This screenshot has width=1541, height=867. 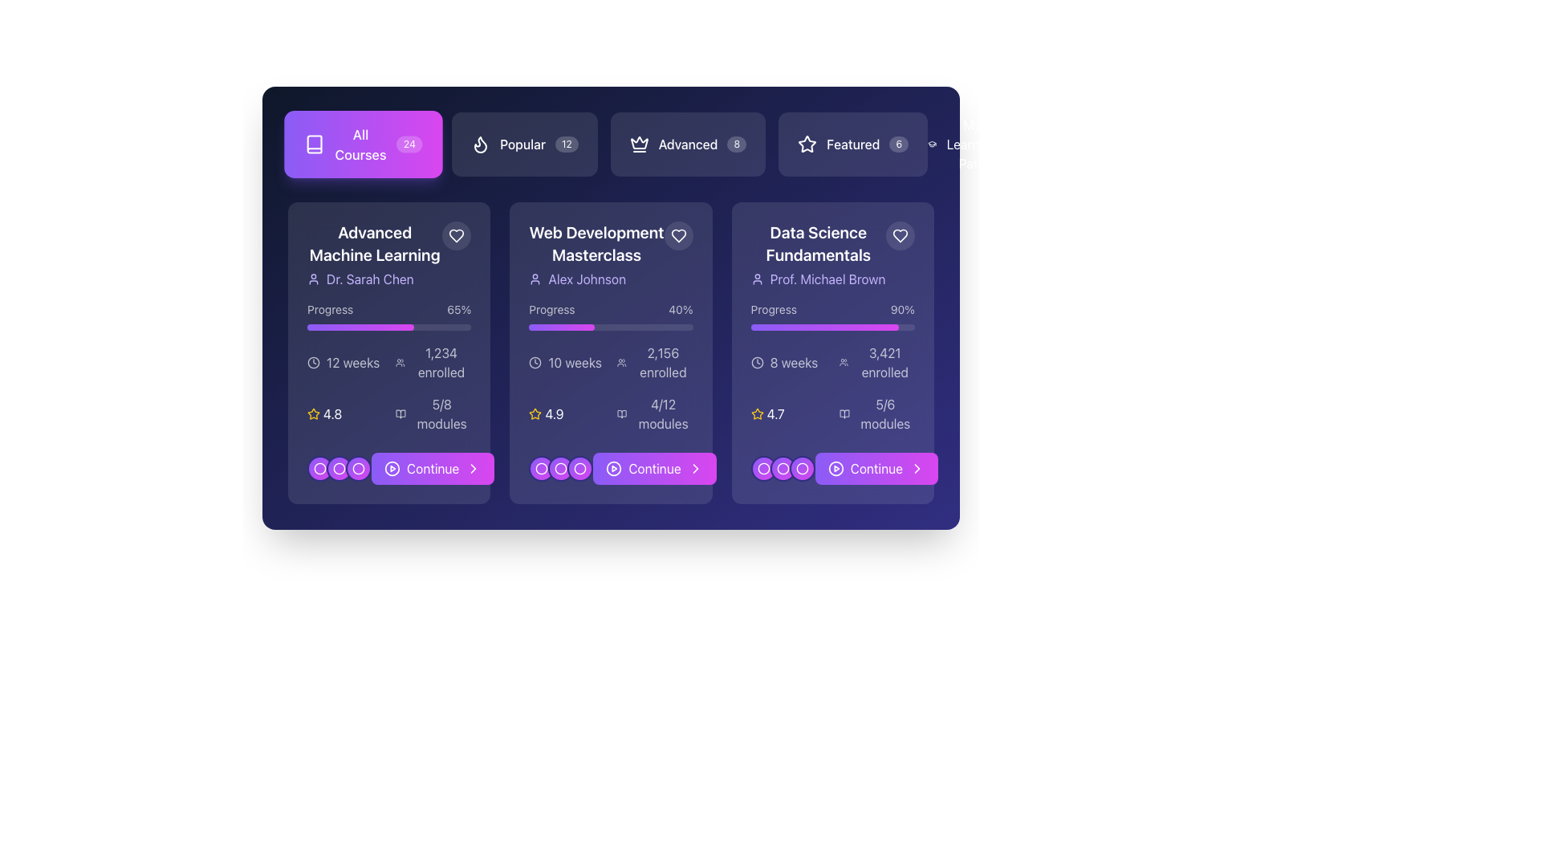 I want to click on the open book icon that is part of the '5/8 modules' display, located to the left of the numeric text, at the top of the first card under the 'Advanced Machine Learning' course column, so click(x=400, y=413).